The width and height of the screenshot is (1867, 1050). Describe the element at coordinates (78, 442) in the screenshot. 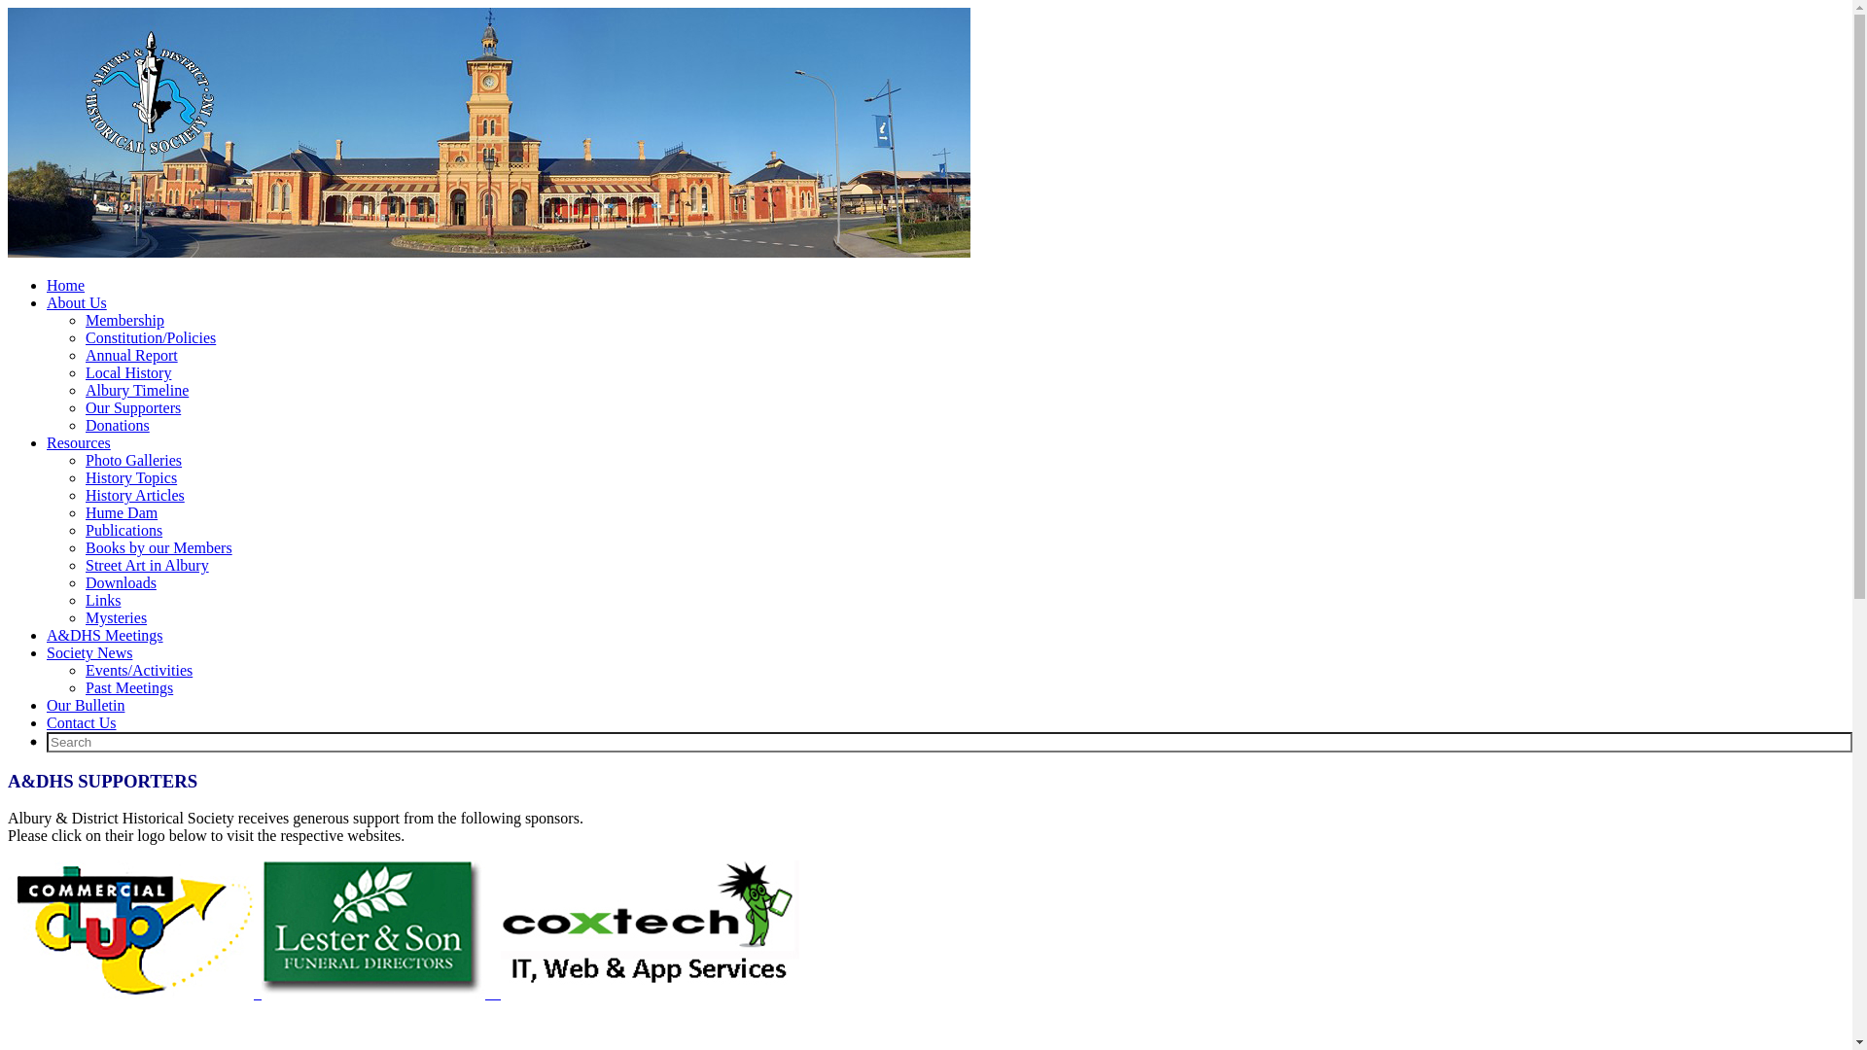

I see `'Resources'` at that location.